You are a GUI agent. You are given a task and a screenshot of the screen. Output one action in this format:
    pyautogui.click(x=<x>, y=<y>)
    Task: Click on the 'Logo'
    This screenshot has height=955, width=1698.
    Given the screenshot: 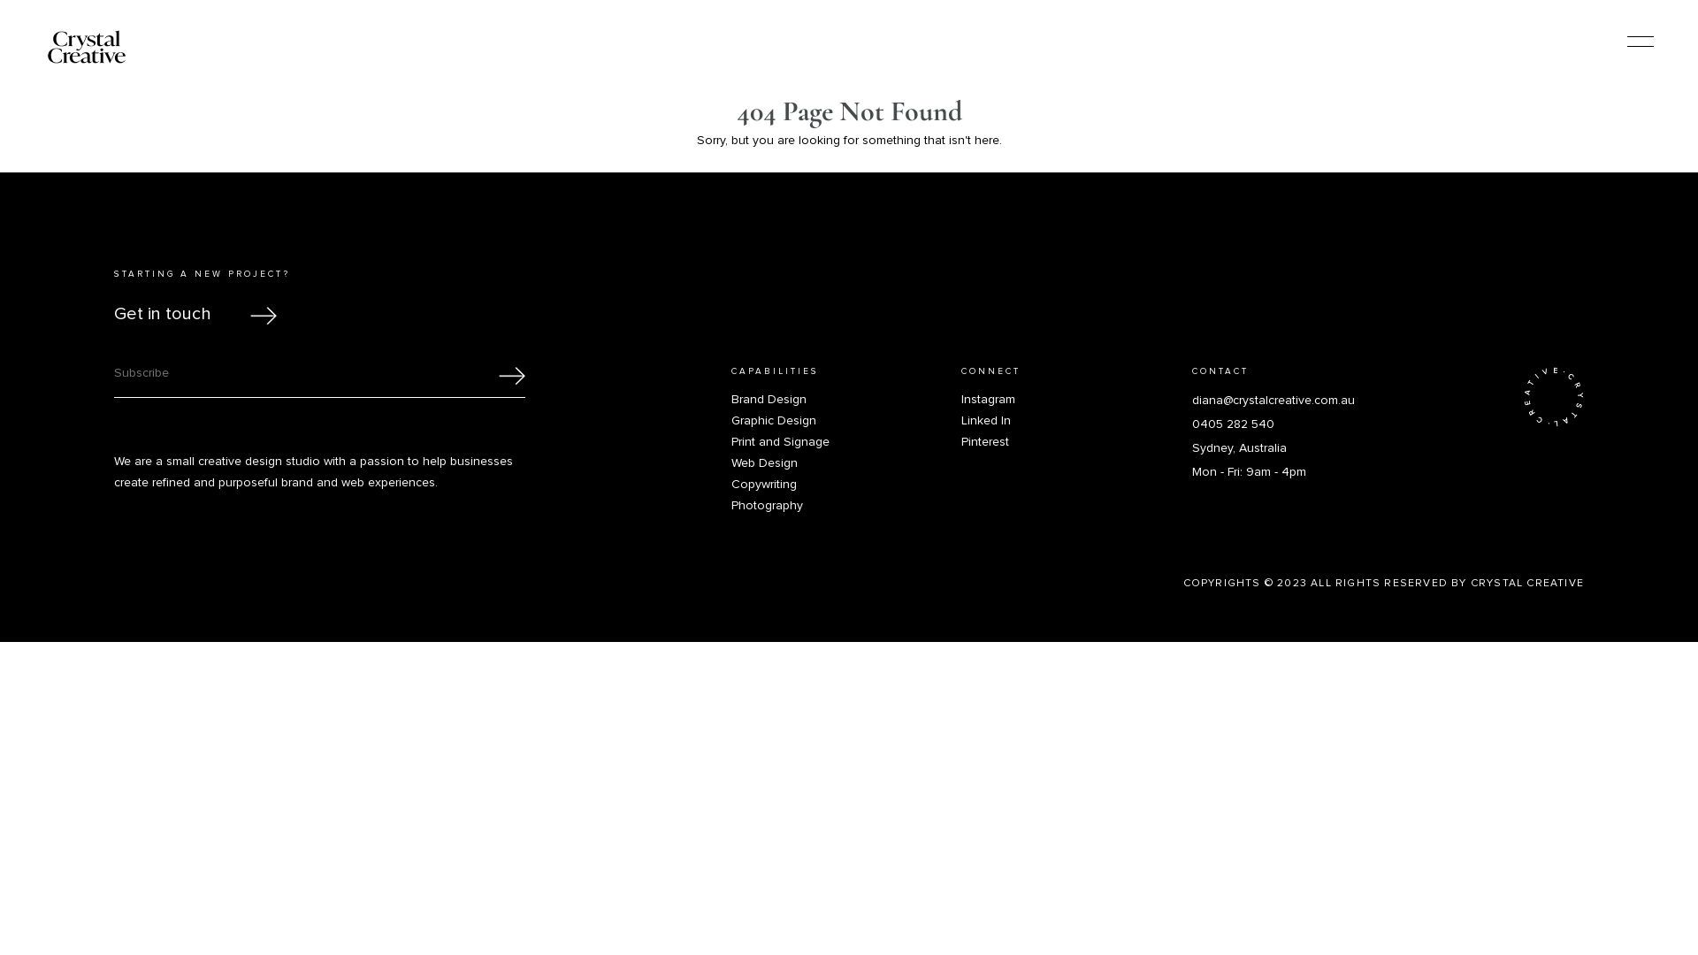 What is the action you would take?
    pyautogui.click(x=85, y=46)
    